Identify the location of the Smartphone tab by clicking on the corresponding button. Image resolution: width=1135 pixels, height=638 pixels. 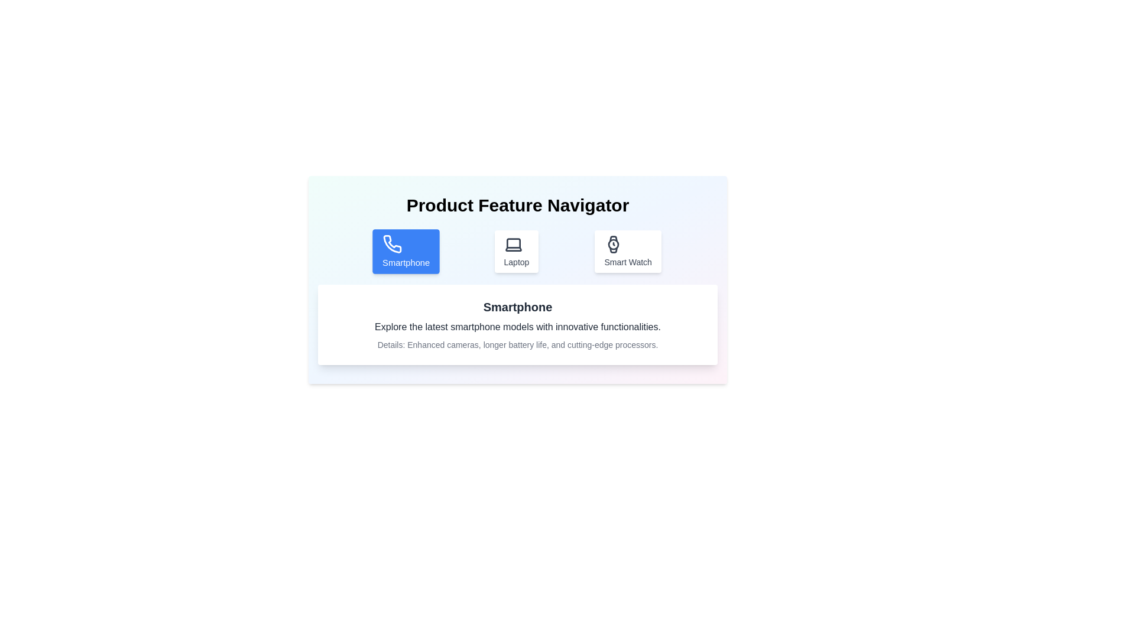
(406, 250).